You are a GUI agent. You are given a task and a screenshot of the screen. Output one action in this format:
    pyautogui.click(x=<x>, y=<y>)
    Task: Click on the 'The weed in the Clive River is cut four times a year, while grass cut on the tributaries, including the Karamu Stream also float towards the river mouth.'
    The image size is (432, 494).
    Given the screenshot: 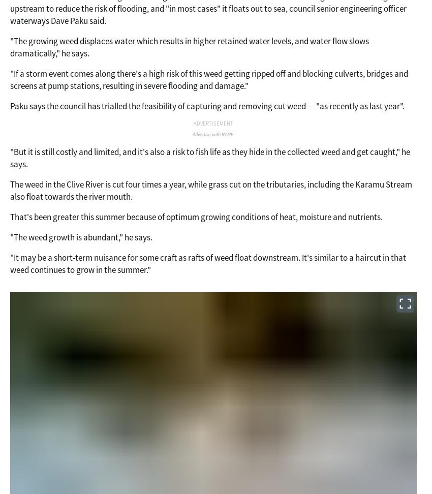 What is the action you would take?
    pyautogui.click(x=211, y=190)
    